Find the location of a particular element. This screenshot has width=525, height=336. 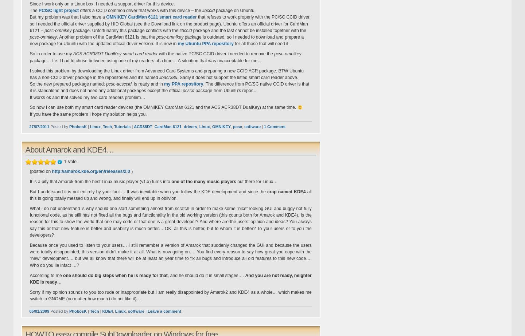

', and he should do it in small stages….' is located at coordinates (206, 275).